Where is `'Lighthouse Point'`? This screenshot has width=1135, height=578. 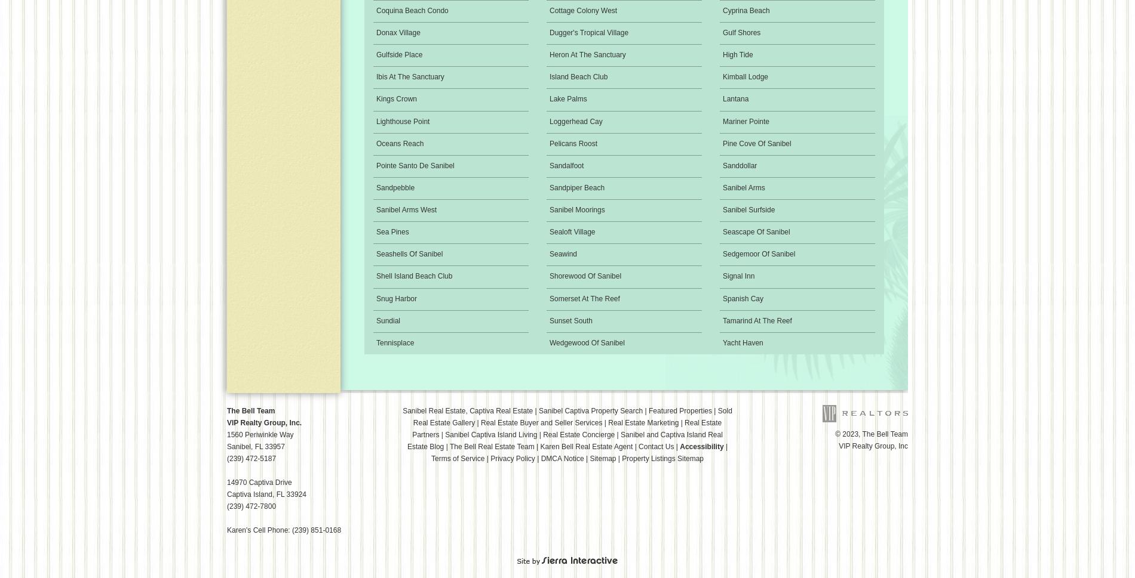
'Lighthouse Point' is located at coordinates (403, 121).